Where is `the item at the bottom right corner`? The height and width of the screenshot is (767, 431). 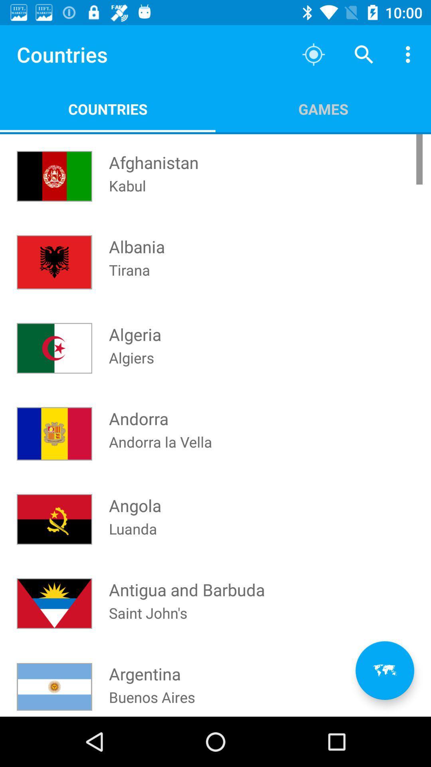
the item at the bottom right corner is located at coordinates (384, 670).